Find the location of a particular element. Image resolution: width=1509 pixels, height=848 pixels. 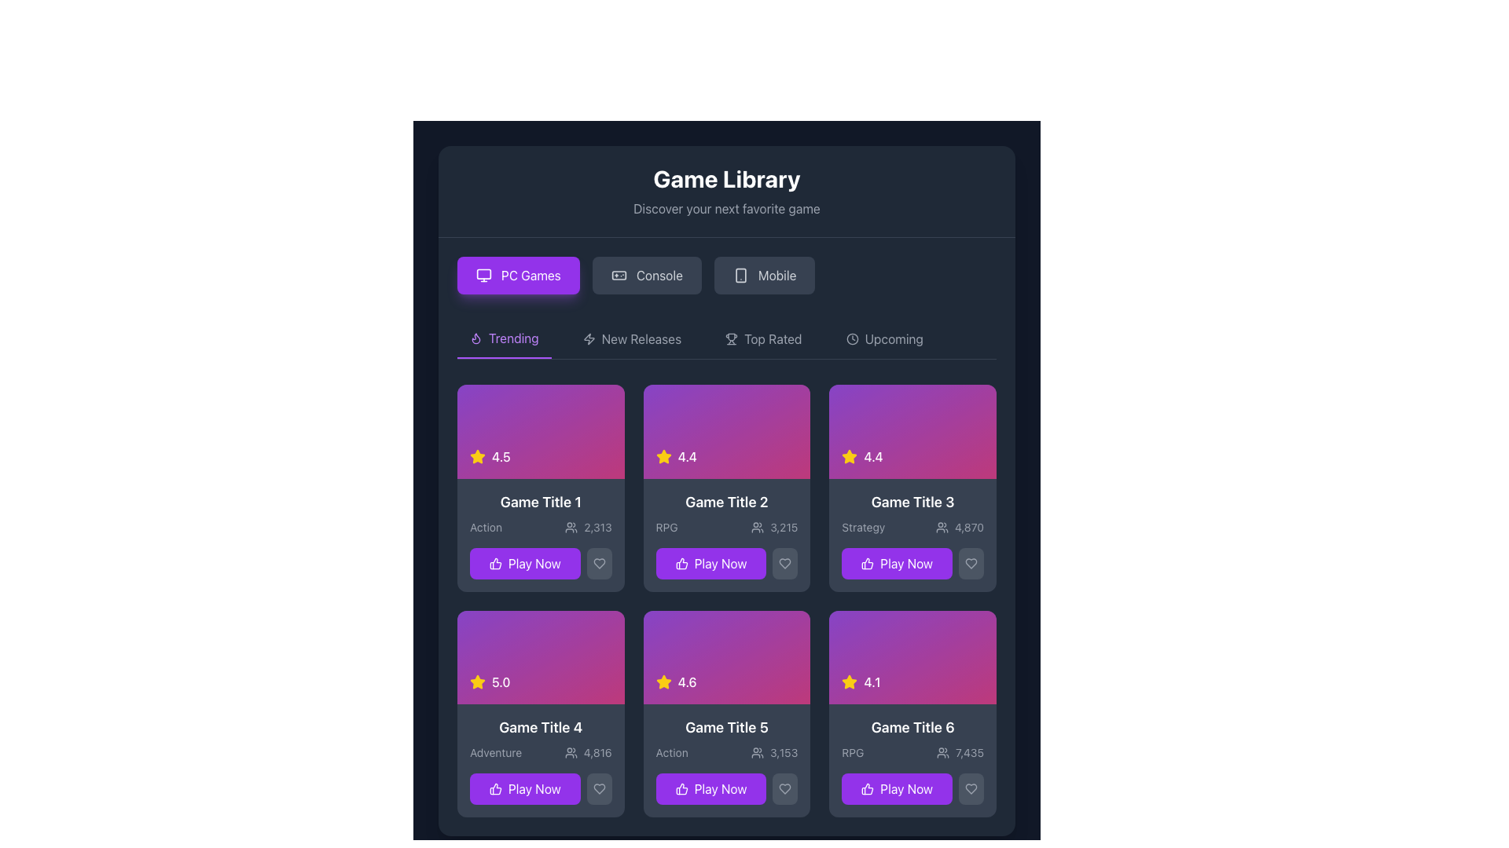

the 'Play Now' button with a purple background and white text, located below the game information for 'Game Title 3' in the Trending tab is located at coordinates (912, 562).